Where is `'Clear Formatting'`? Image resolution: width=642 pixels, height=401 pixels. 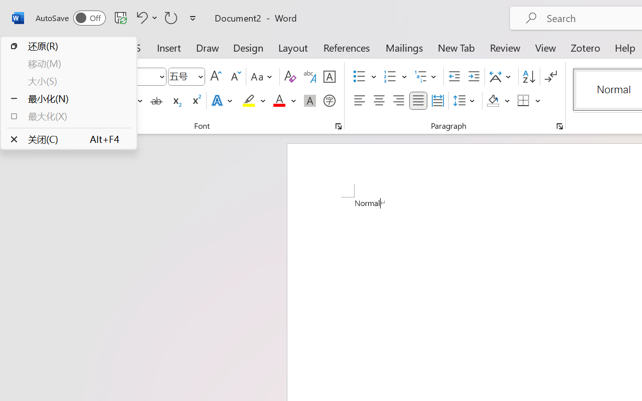
'Clear Formatting' is located at coordinates (289, 77).